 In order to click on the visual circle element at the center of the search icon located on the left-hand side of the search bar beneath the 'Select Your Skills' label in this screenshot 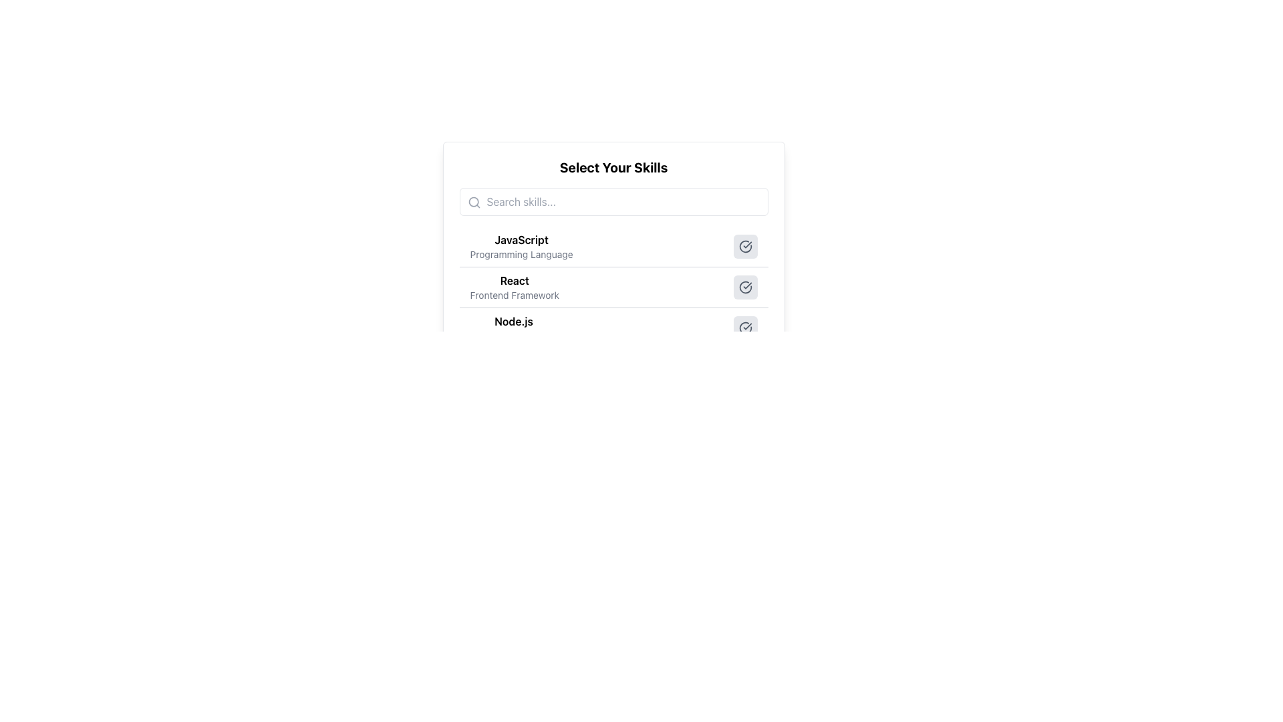, I will do `click(473, 202)`.